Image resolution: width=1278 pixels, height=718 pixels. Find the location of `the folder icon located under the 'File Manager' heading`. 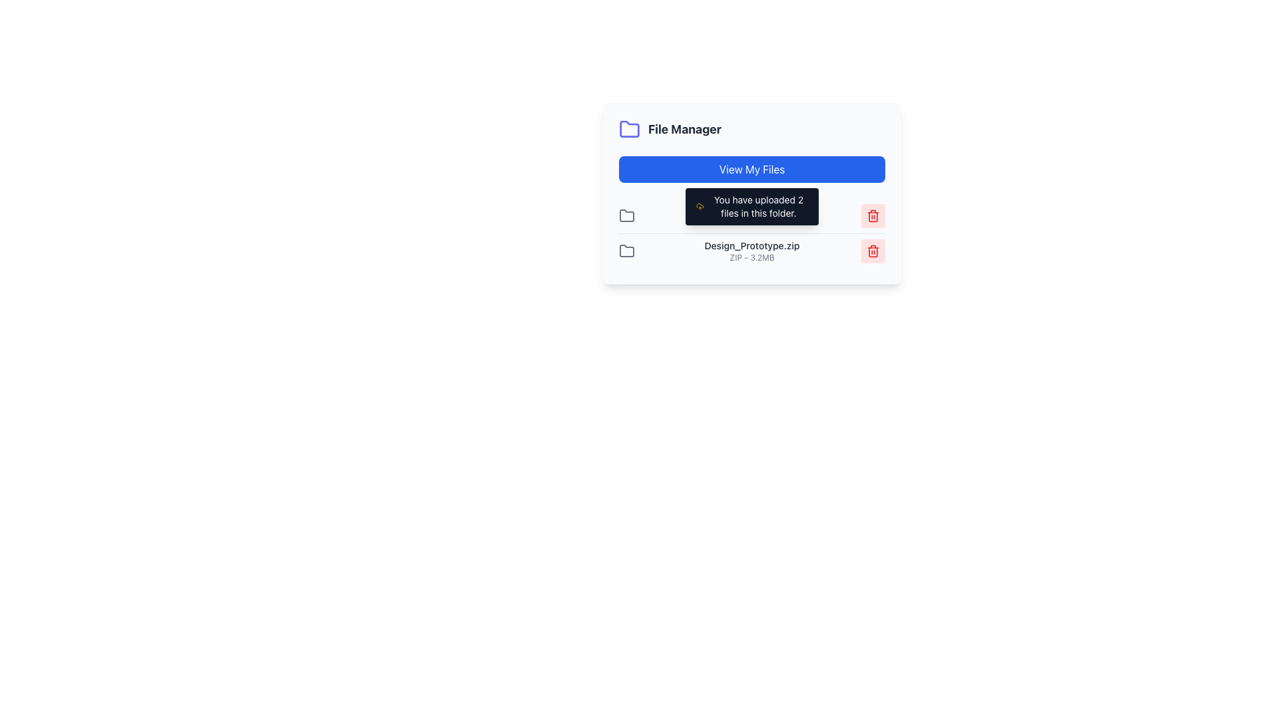

the folder icon located under the 'File Manager' heading is located at coordinates (626, 251).